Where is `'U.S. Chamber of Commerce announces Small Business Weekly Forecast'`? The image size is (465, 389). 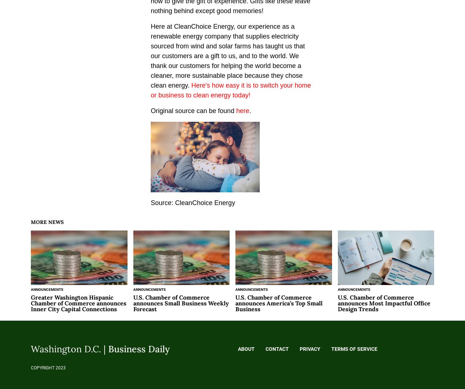 'U.S. Chamber of Commerce announces Small Business Weekly Forecast' is located at coordinates (181, 302).